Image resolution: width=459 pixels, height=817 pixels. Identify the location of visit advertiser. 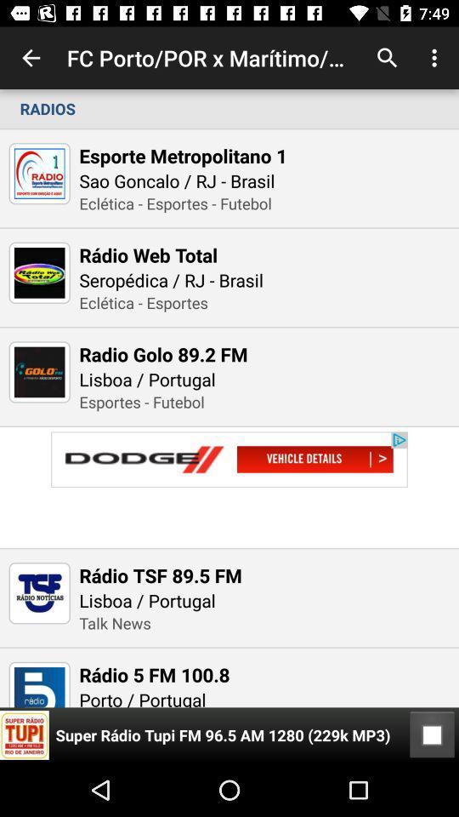
(229, 488).